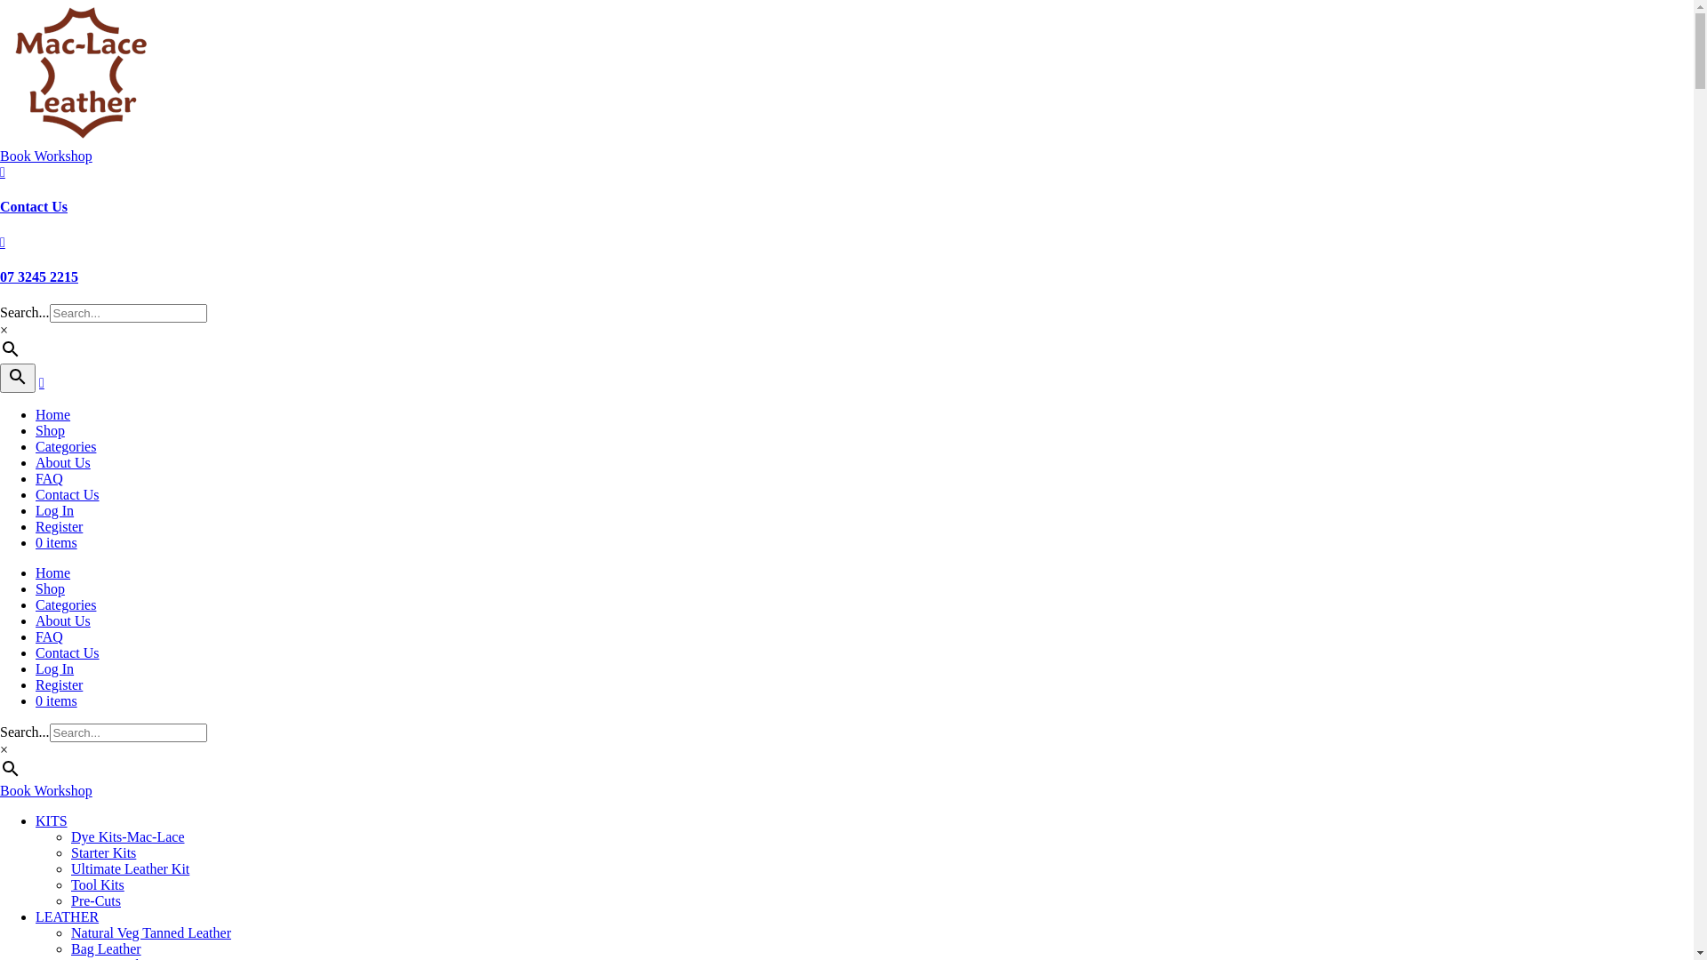 Image resolution: width=1707 pixels, height=960 pixels. What do you see at coordinates (35, 510) in the screenshot?
I see `'Log In'` at bounding box center [35, 510].